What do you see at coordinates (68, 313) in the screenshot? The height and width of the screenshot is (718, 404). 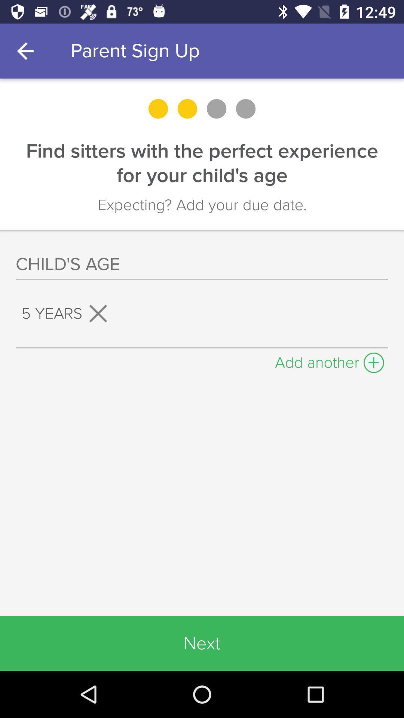 I see `the 5 years on the left` at bounding box center [68, 313].